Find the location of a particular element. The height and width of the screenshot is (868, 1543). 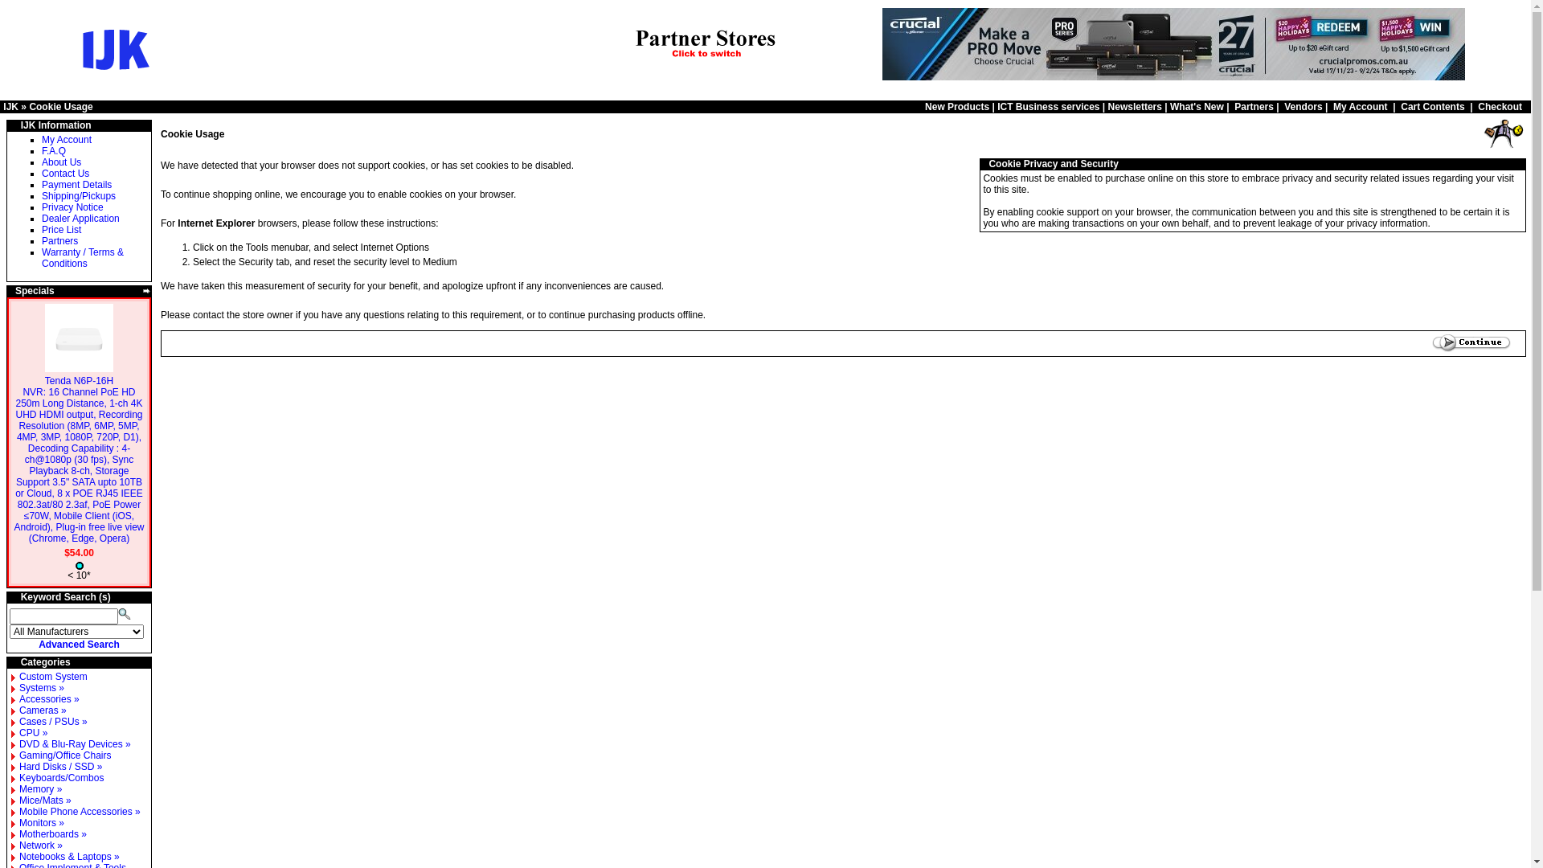

'Vendors' is located at coordinates (1283, 106).